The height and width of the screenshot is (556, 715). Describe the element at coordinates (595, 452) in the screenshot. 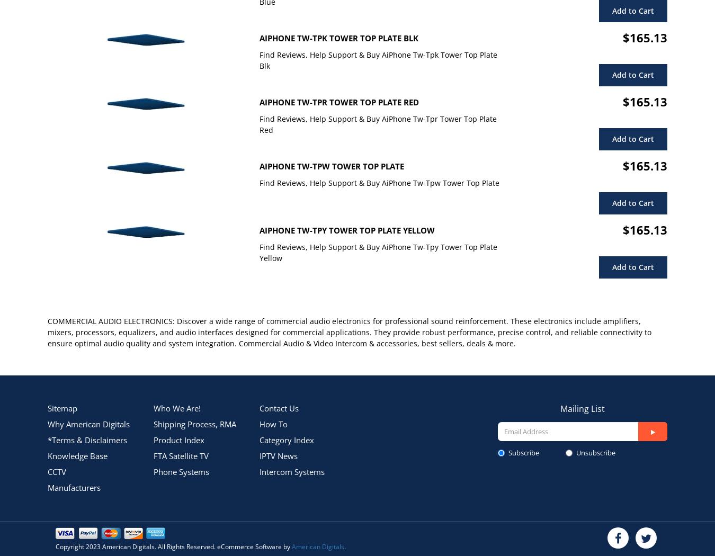

I see `'Unsubscribe'` at that location.